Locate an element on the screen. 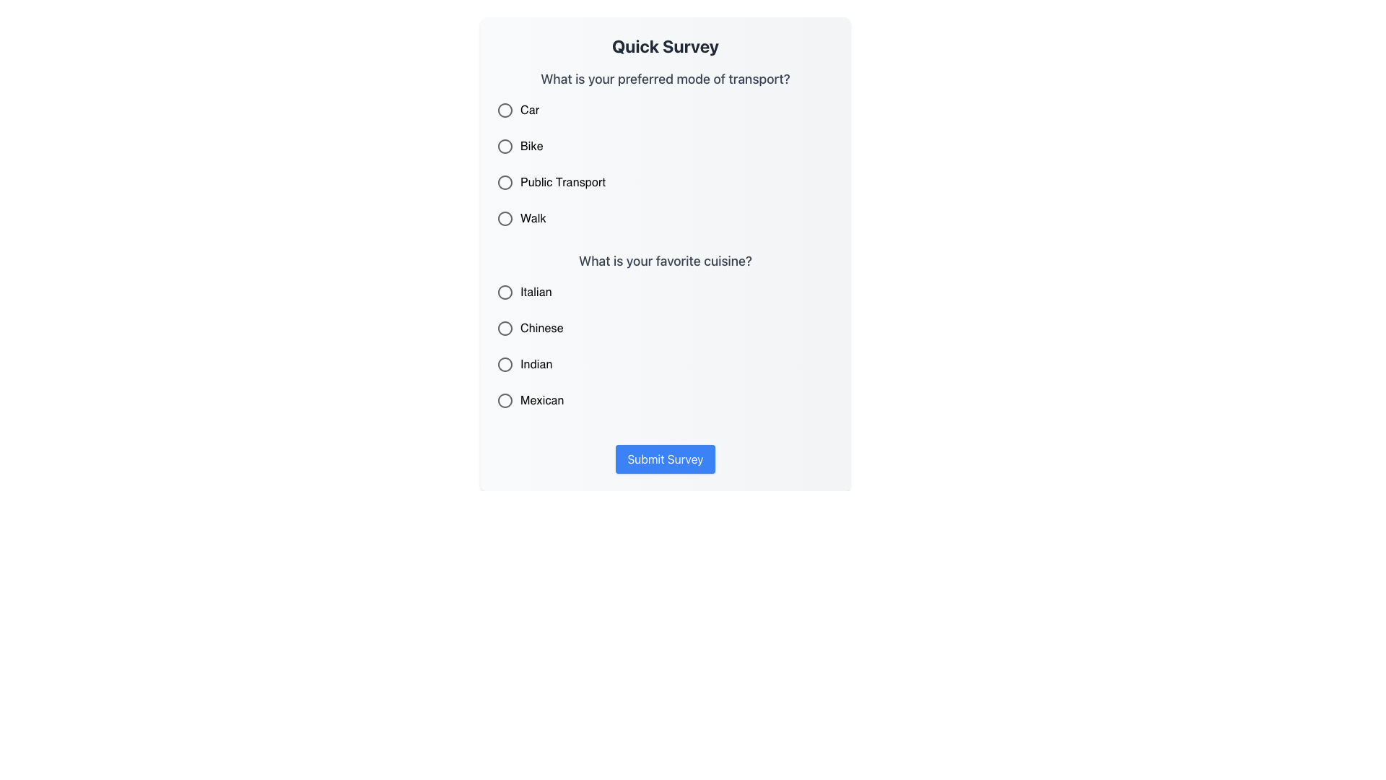 Image resolution: width=1386 pixels, height=780 pixels. the radio button for 'Public Transport' is located at coordinates (505, 182).